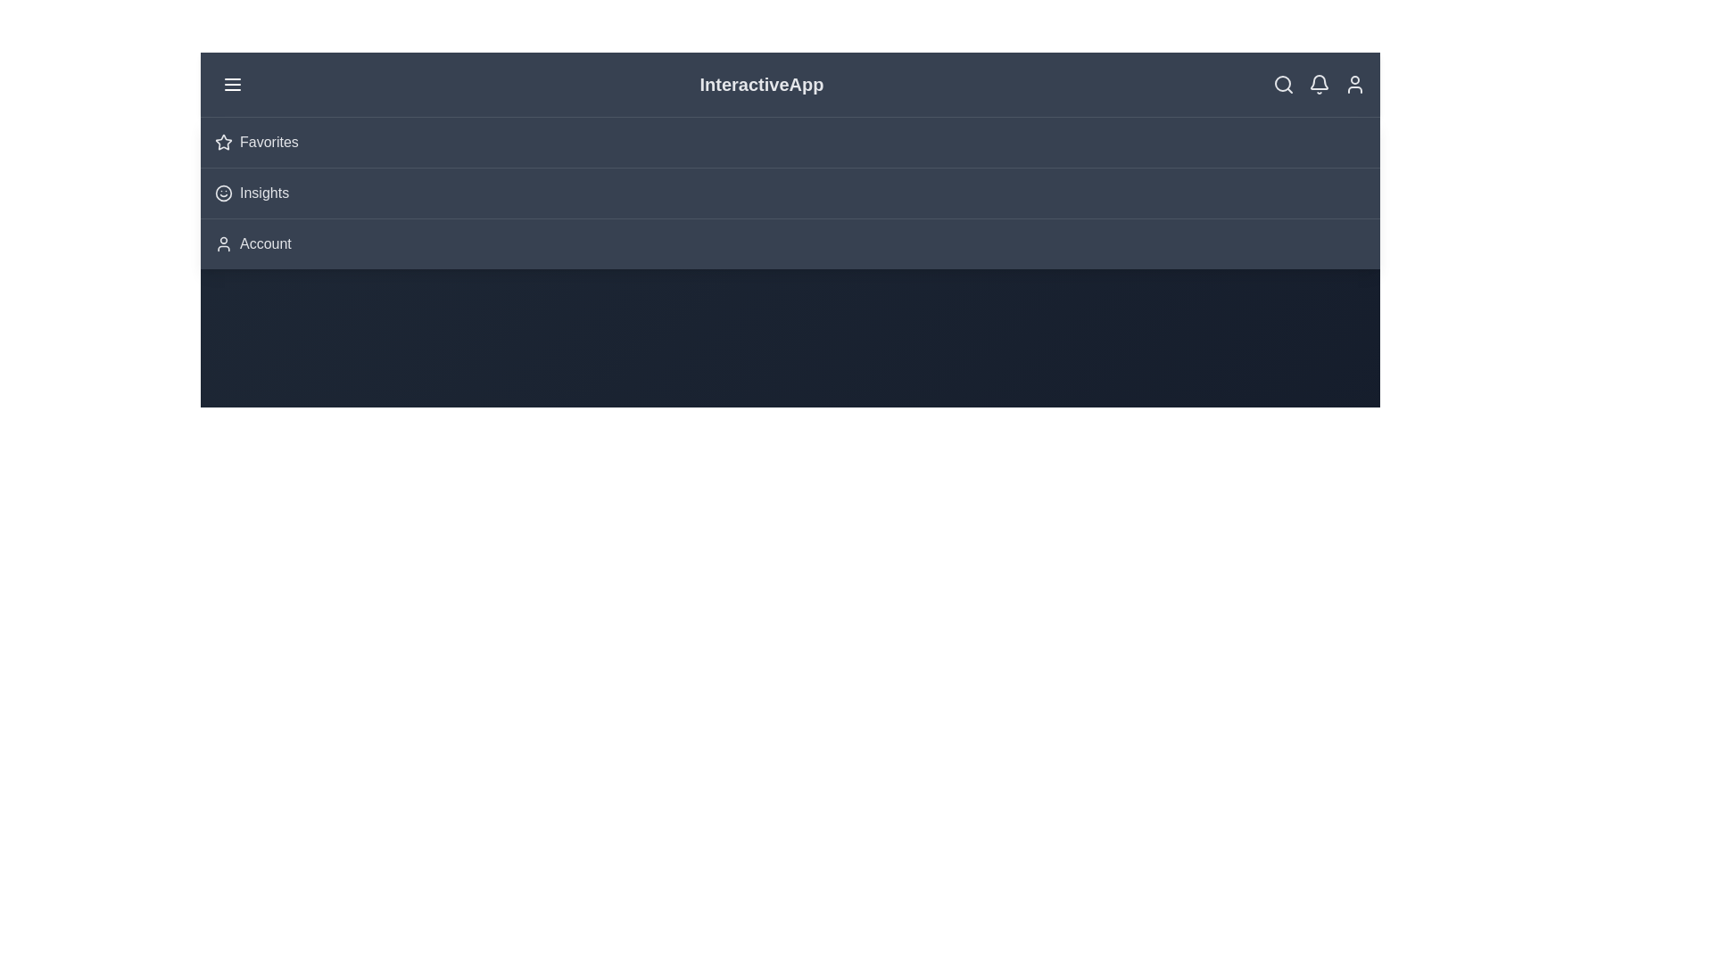 Image resolution: width=1713 pixels, height=963 pixels. What do you see at coordinates (1283, 85) in the screenshot?
I see `the search icon to initiate the search functionality` at bounding box center [1283, 85].